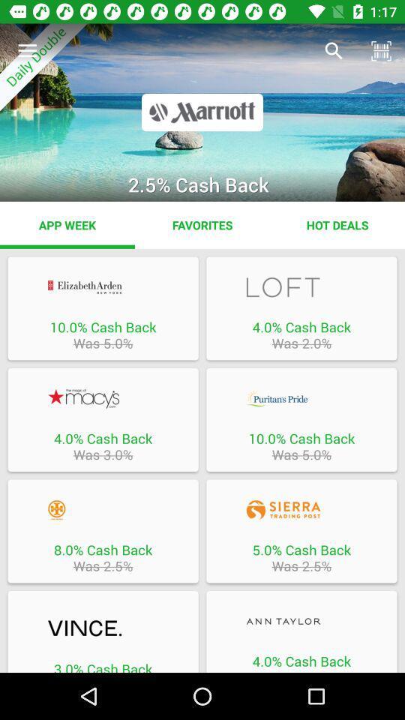  What do you see at coordinates (67, 224) in the screenshot?
I see `the app week app` at bounding box center [67, 224].